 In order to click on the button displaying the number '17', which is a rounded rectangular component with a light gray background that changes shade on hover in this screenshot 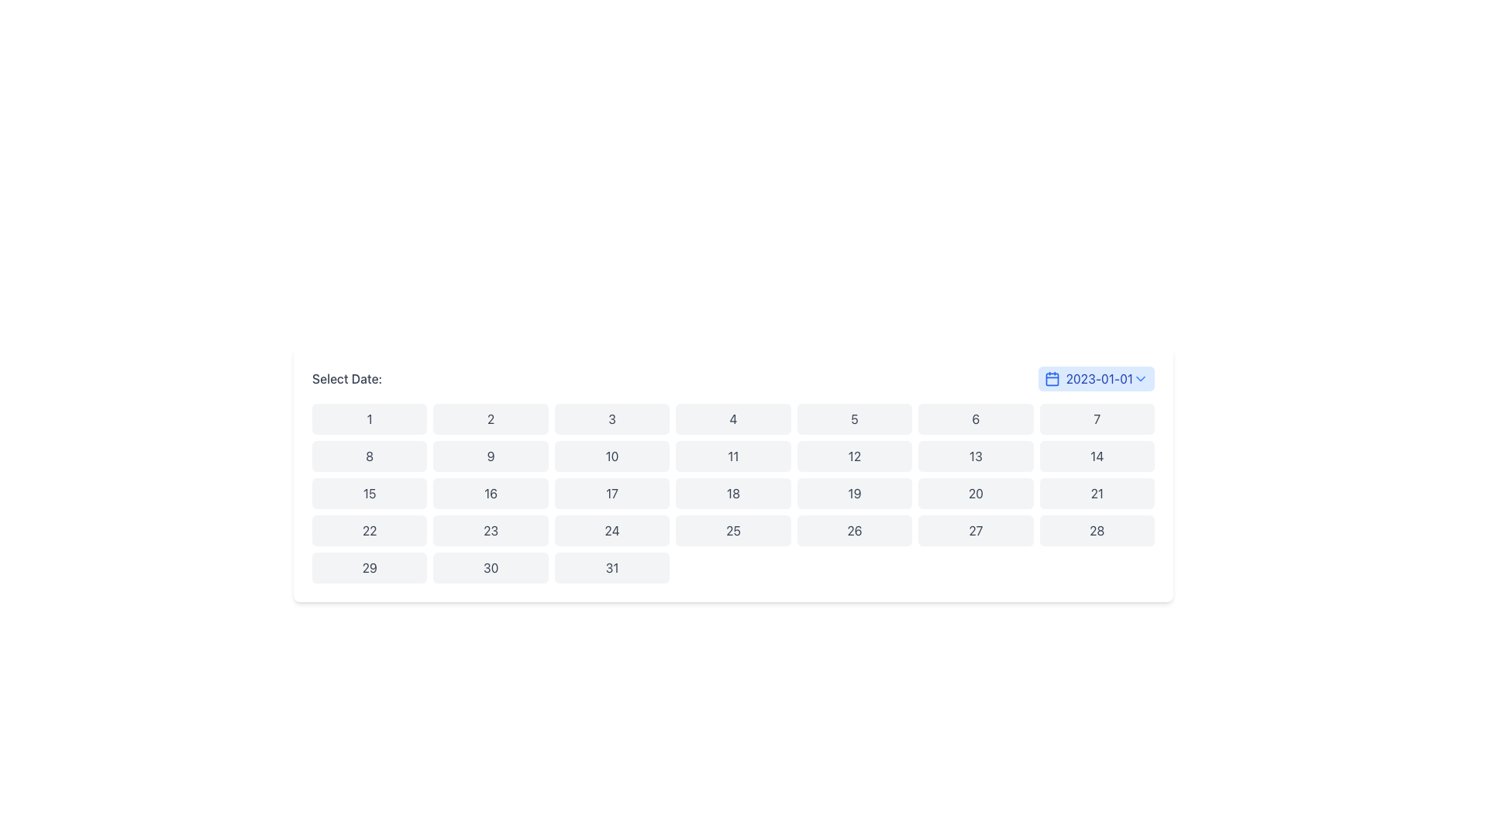, I will do `click(611, 493)`.